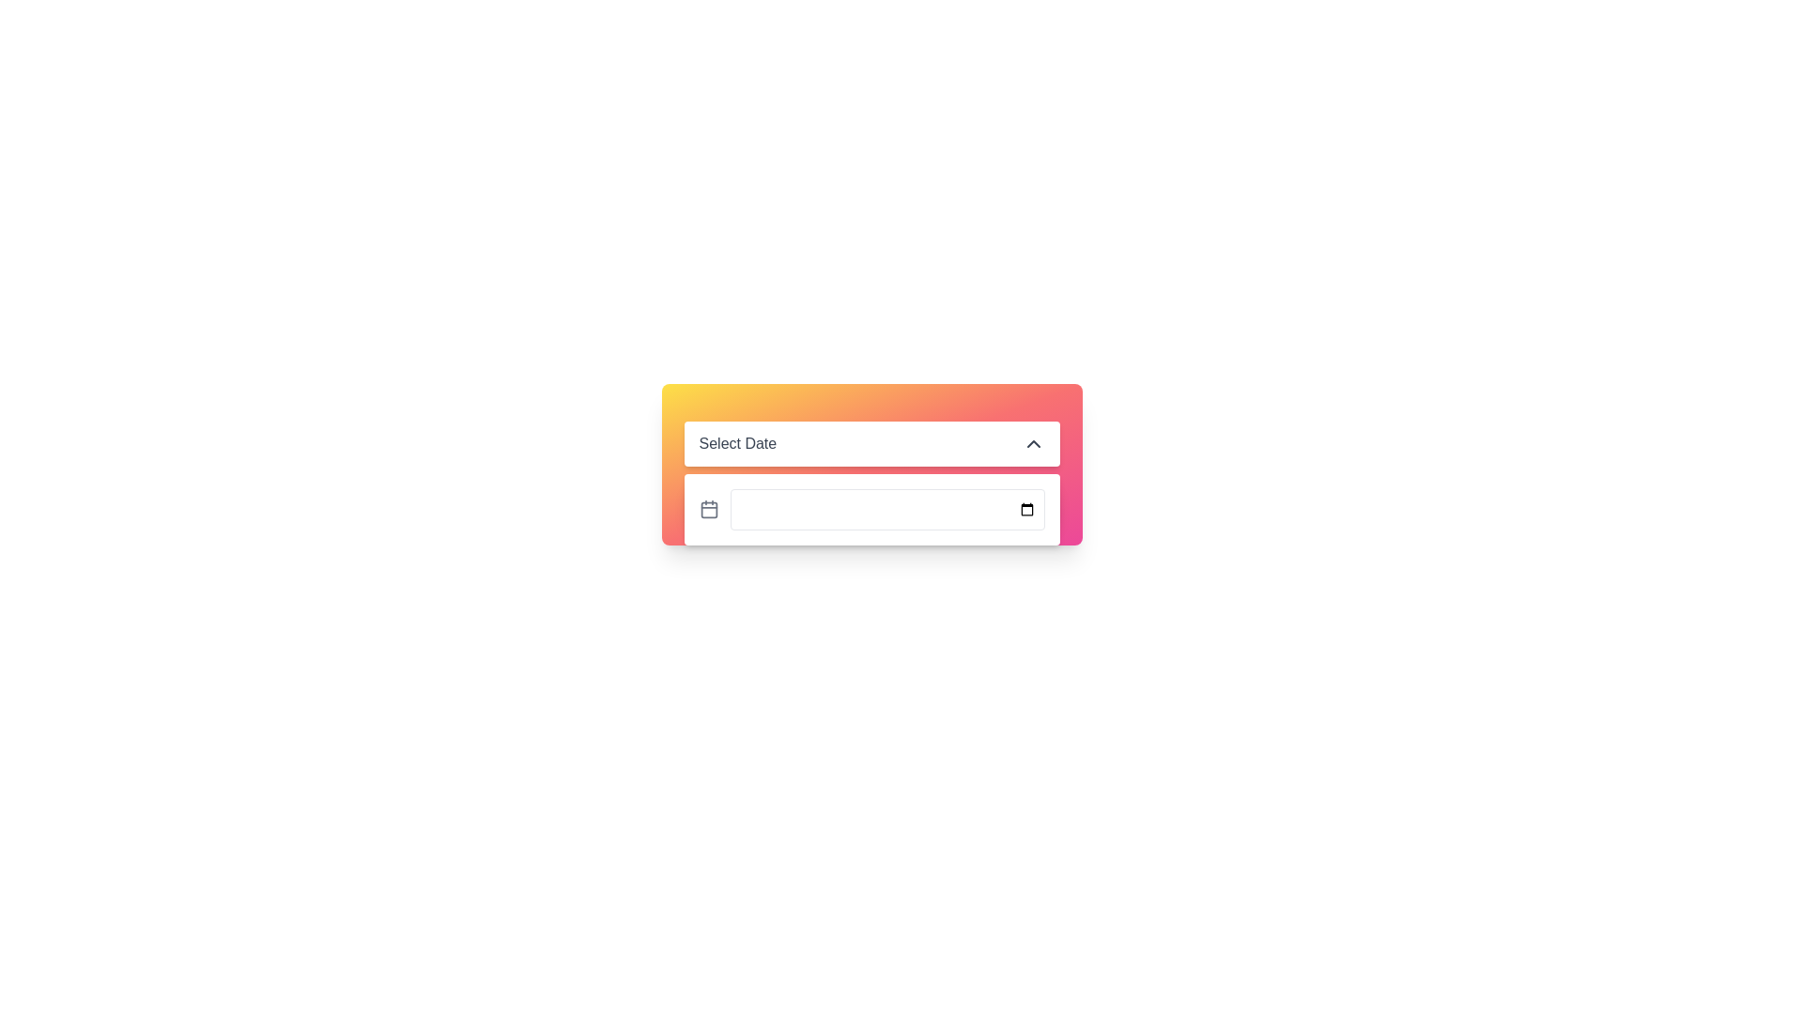 The height and width of the screenshot is (1014, 1803). I want to click on a date from the calendar by clicking on the interactive date input field, which is centrally located and allows for date entry or calendar selection, so click(886, 510).